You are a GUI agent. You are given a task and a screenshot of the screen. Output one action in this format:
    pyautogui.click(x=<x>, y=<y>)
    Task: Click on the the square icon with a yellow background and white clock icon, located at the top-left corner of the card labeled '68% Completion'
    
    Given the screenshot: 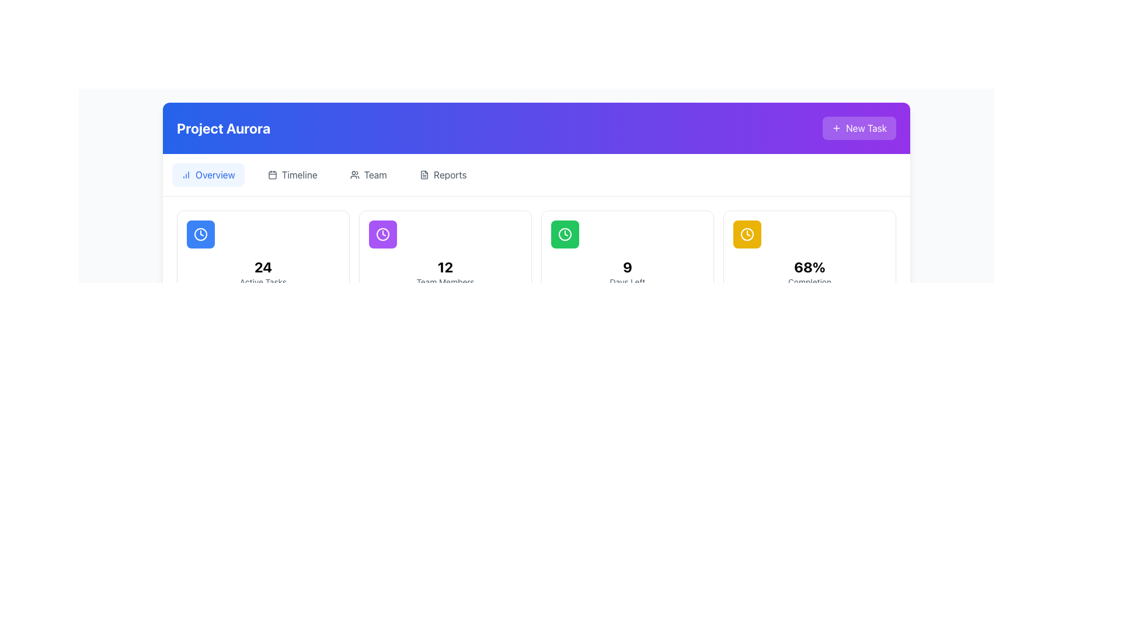 What is the action you would take?
    pyautogui.click(x=747, y=234)
    